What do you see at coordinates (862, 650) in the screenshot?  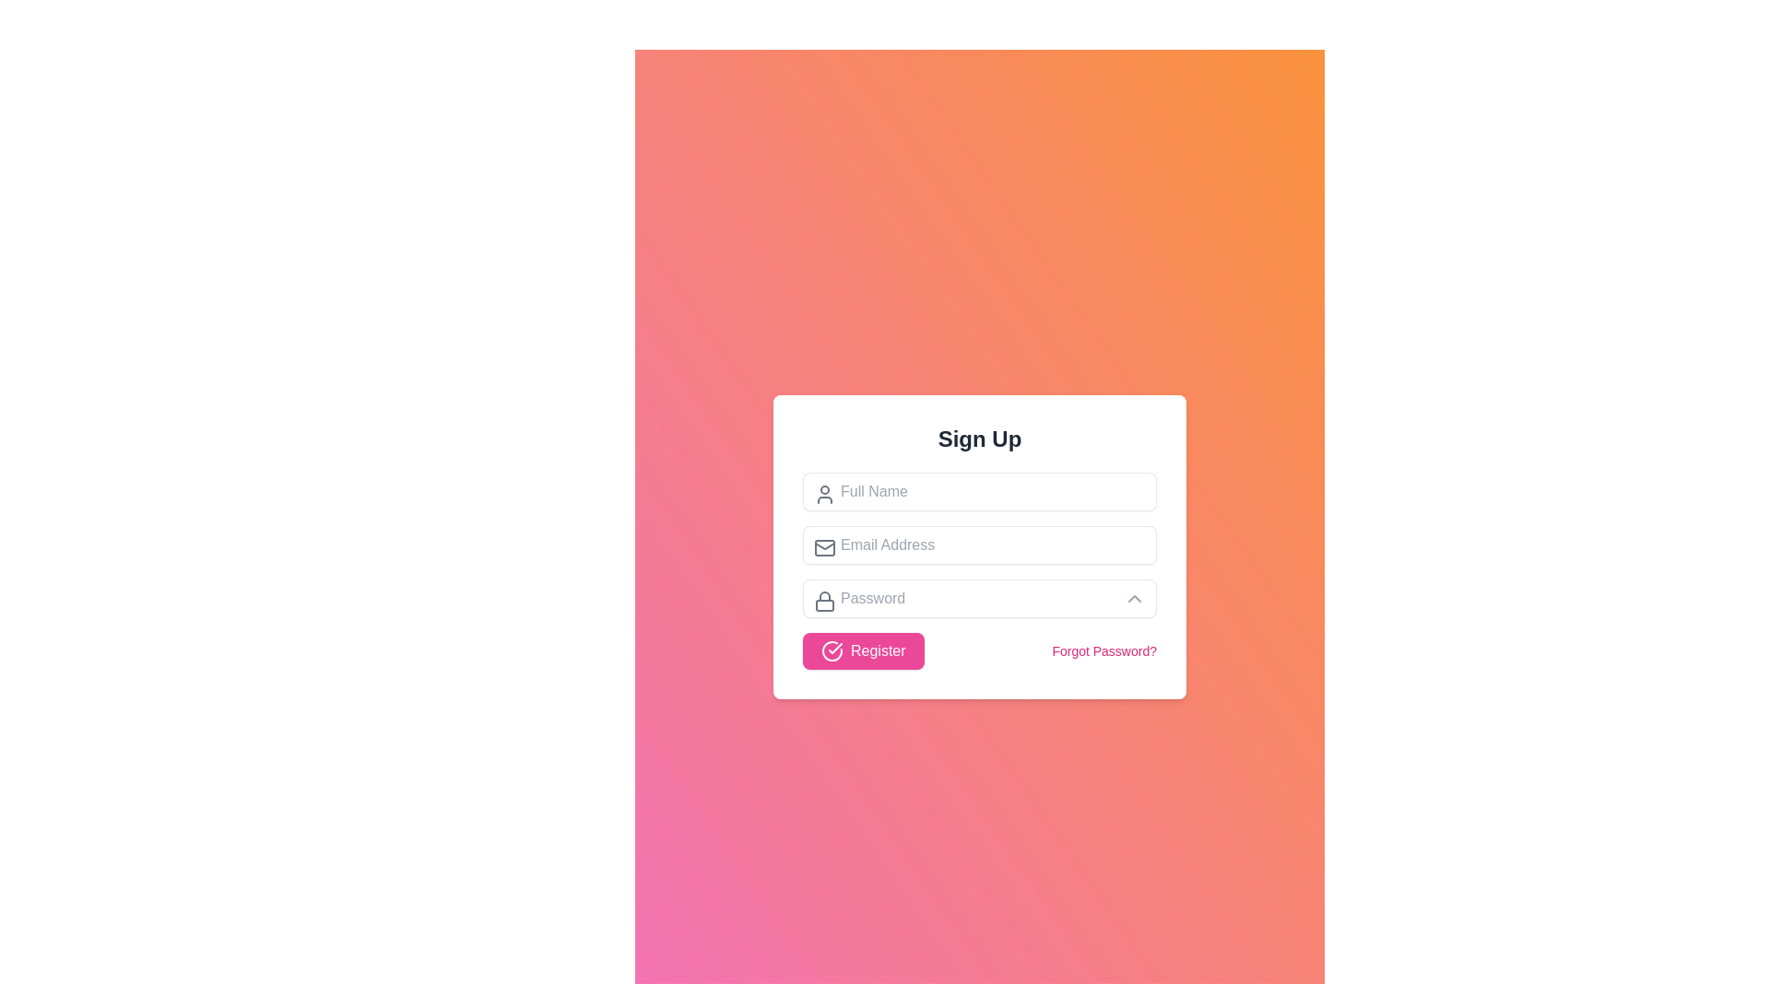 I see `the pink 'Register' button with a white checkmark icon` at bounding box center [862, 650].